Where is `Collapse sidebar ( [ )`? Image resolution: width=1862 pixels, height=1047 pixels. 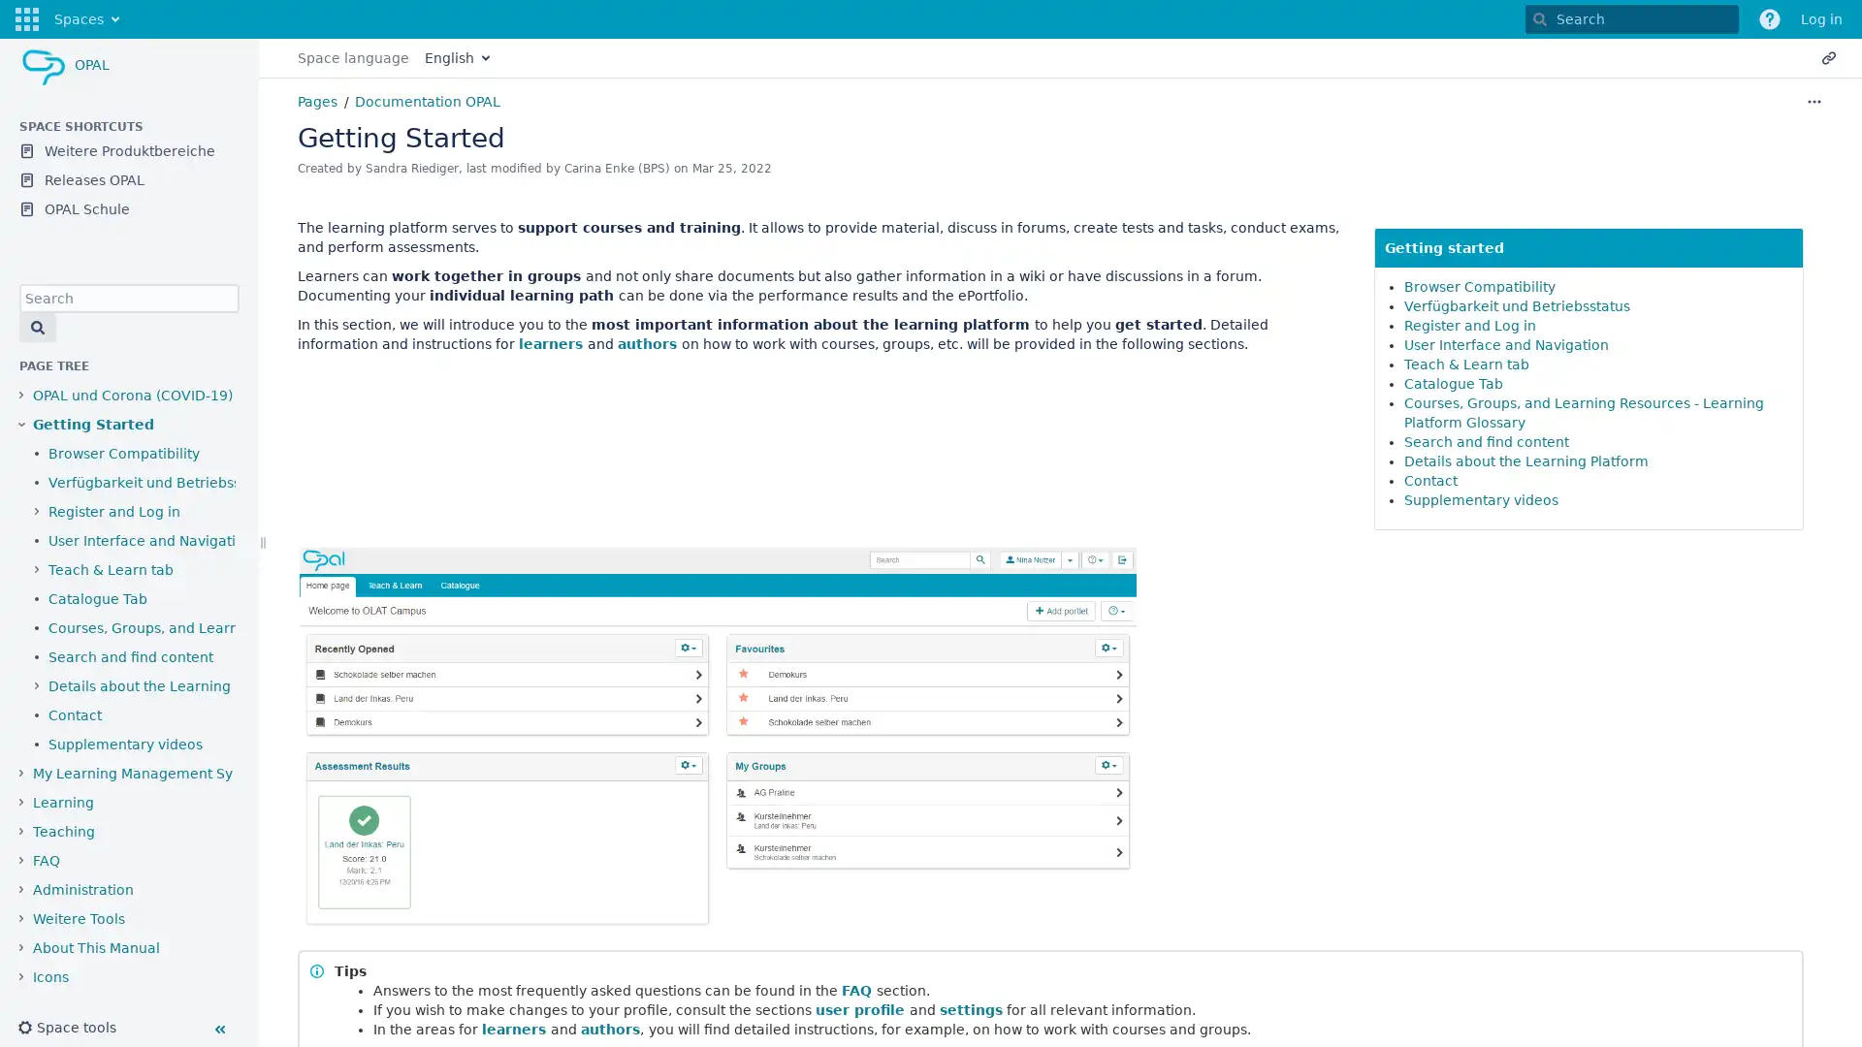 Collapse sidebar ( [ ) is located at coordinates (218, 1028).